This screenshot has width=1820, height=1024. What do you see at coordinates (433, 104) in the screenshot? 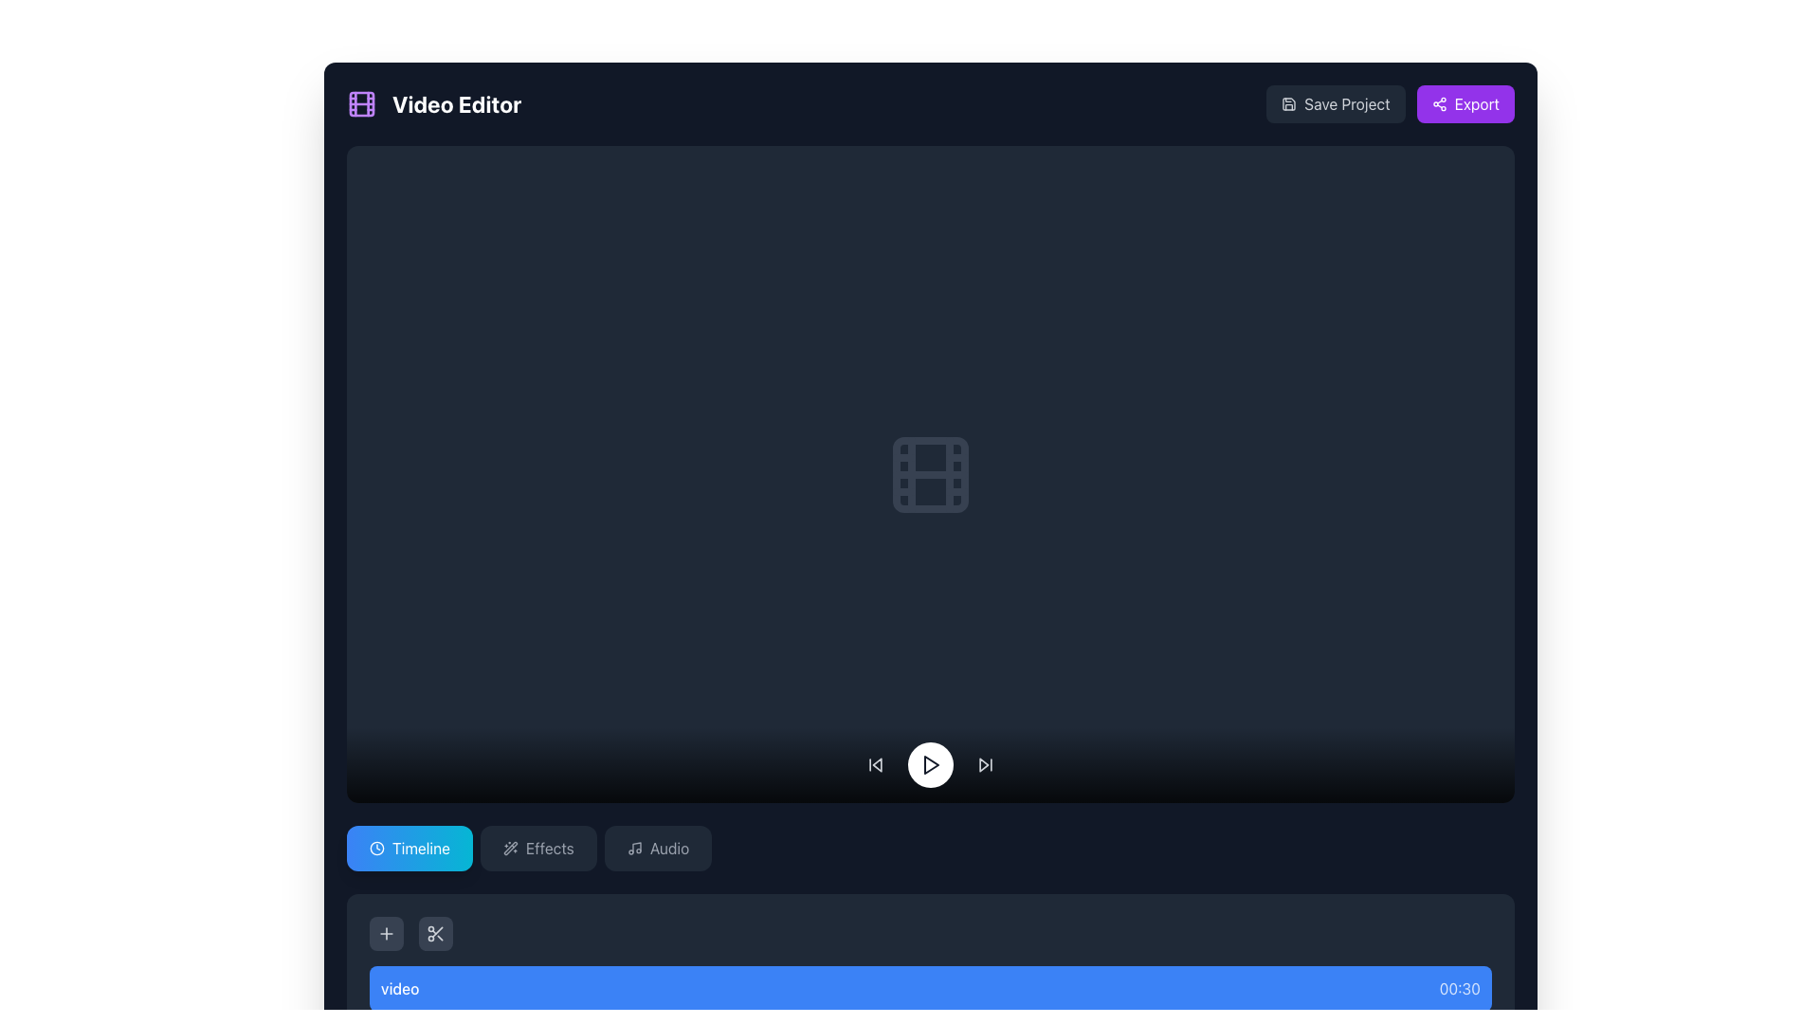
I see `the 'Video Editor' static text and icon combination label, which features bold, white text and a purple film reel icon, located at the upper-left corner of the user interface` at bounding box center [433, 104].